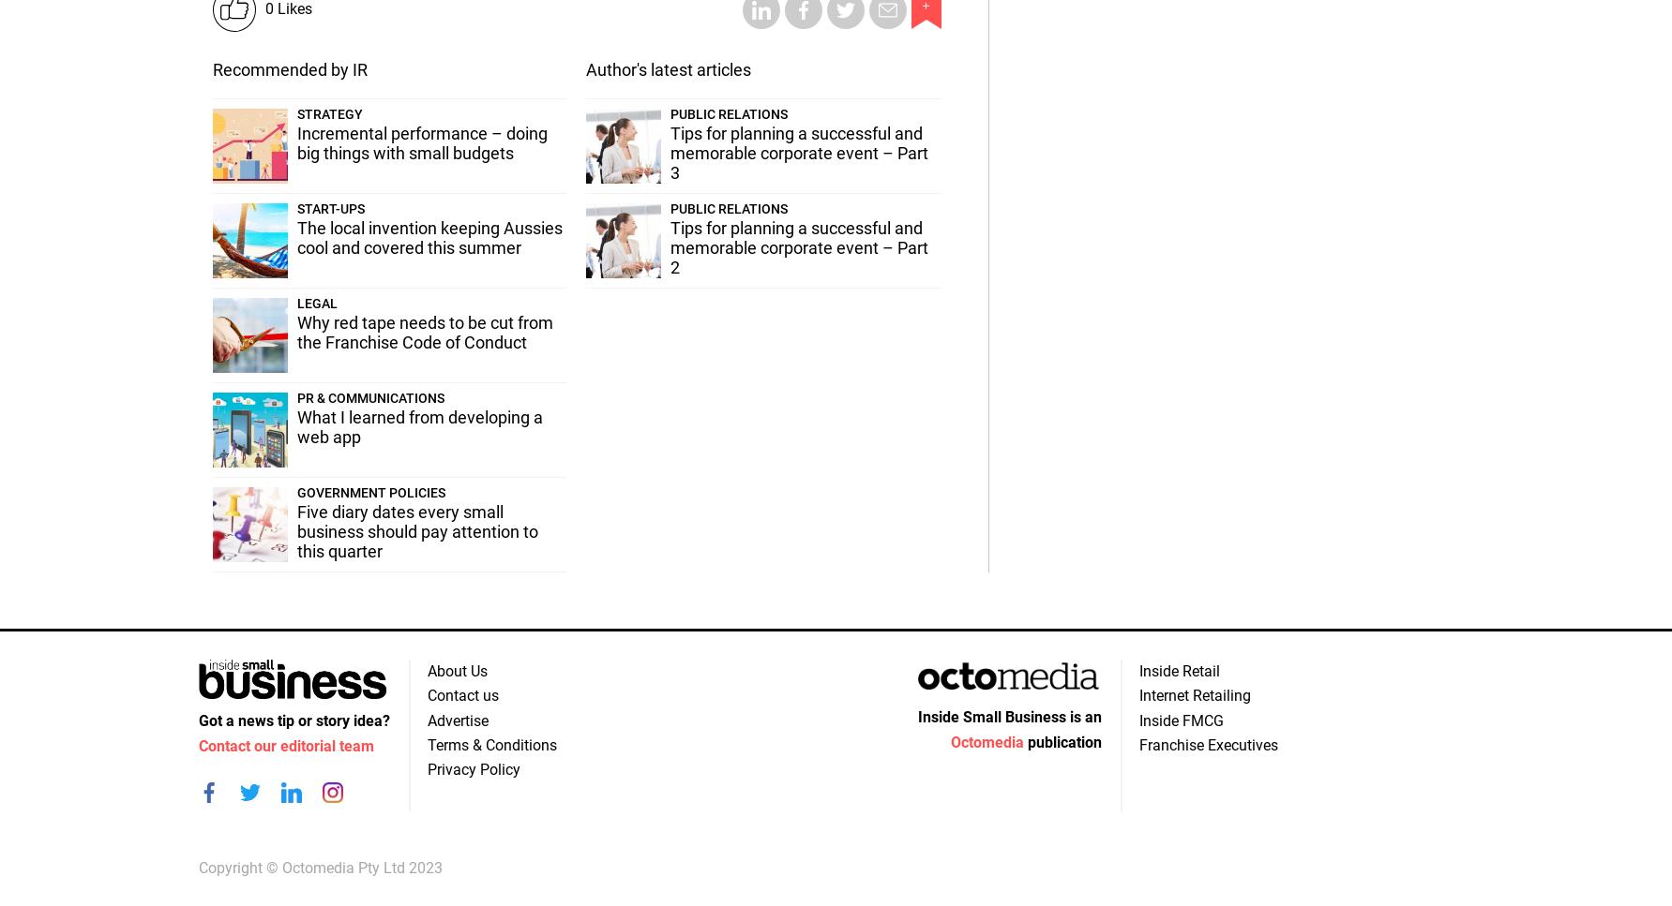  I want to click on 'Octomedia', so click(986, 741).